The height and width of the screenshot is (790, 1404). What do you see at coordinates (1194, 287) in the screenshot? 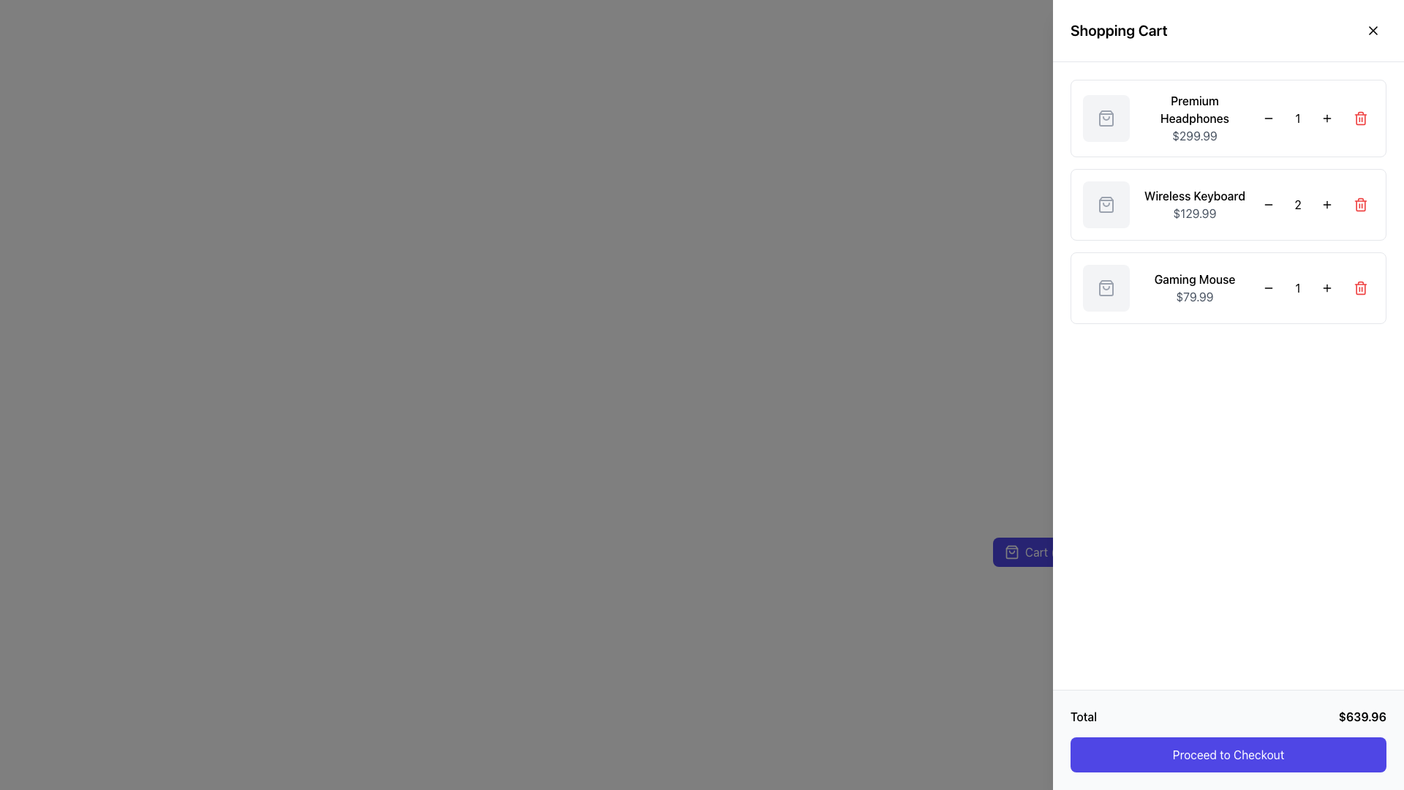
I see `the text of the 'Gaming Mouse' product information display component, which includes the product name and price, for copying purposes` at bounding box center [1194, 287].